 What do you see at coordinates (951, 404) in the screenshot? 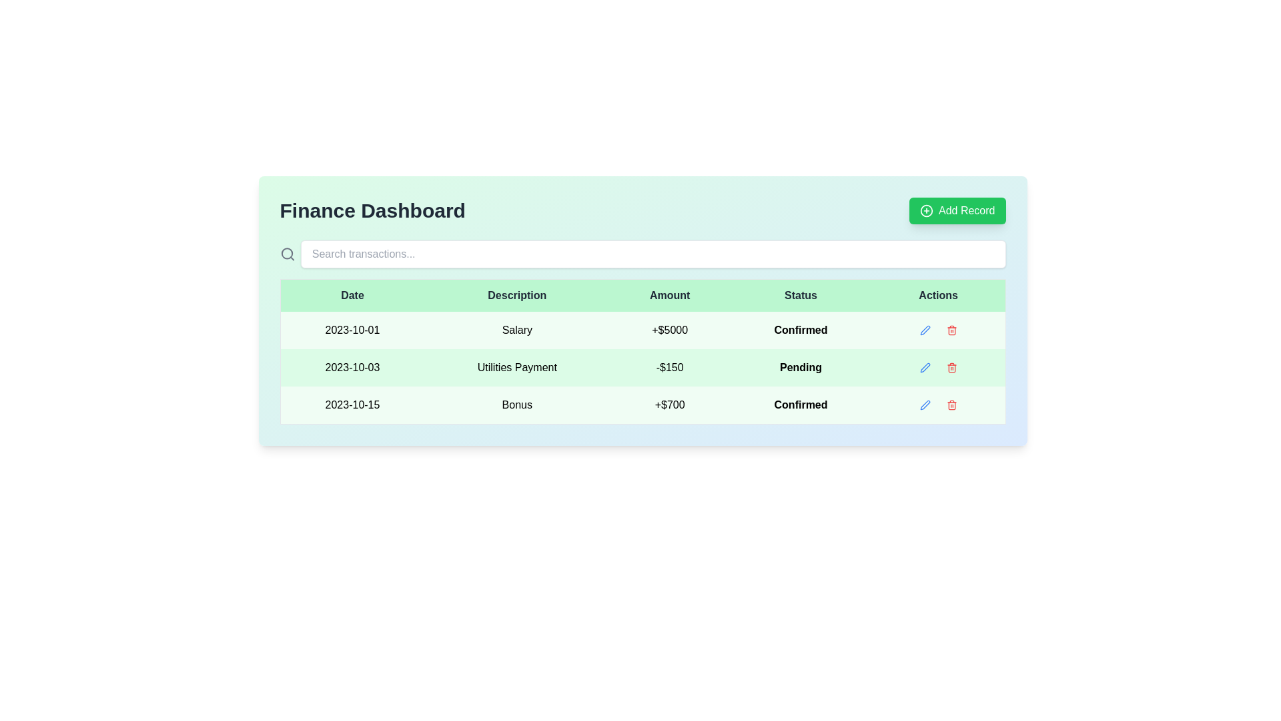
I see `the delete button located in the 'Actions' column of the last row of the table, which is the second button to the right of the blue edit icon` at bounding box center [951, 404].